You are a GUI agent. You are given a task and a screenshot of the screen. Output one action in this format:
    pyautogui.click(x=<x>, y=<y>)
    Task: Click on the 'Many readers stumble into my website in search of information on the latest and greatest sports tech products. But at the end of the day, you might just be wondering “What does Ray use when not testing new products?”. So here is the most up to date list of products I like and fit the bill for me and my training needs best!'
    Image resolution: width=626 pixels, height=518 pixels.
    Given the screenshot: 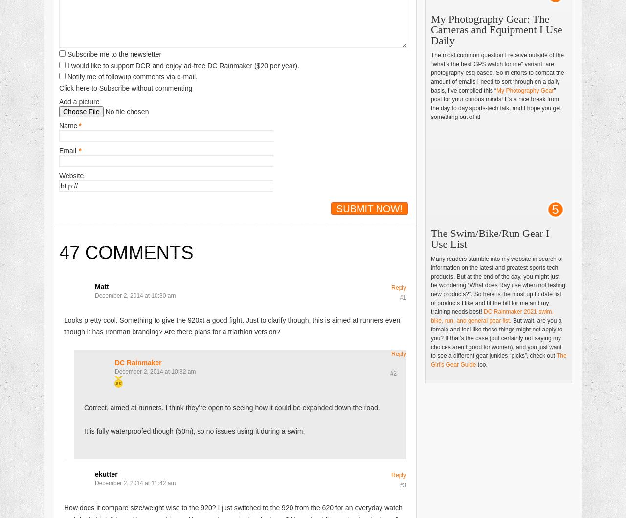 What is the action you would take?
    pyautogui.click(x=497, y=285)
    